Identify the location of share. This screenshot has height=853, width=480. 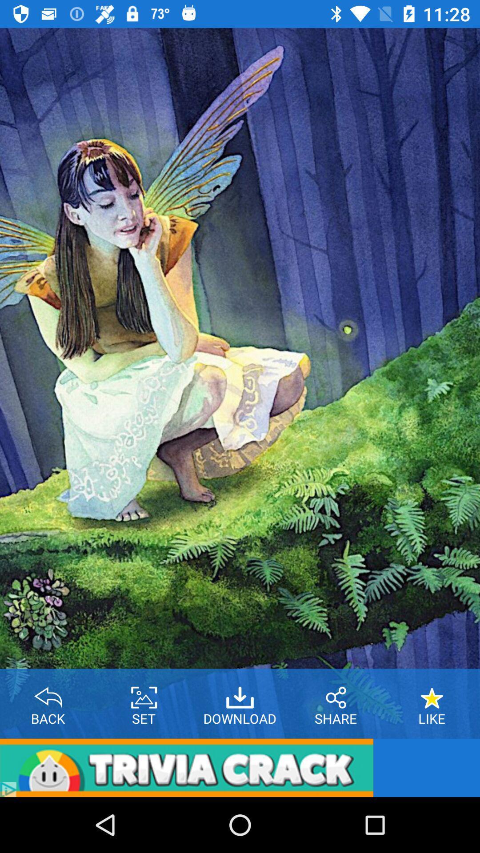
(336, 694).